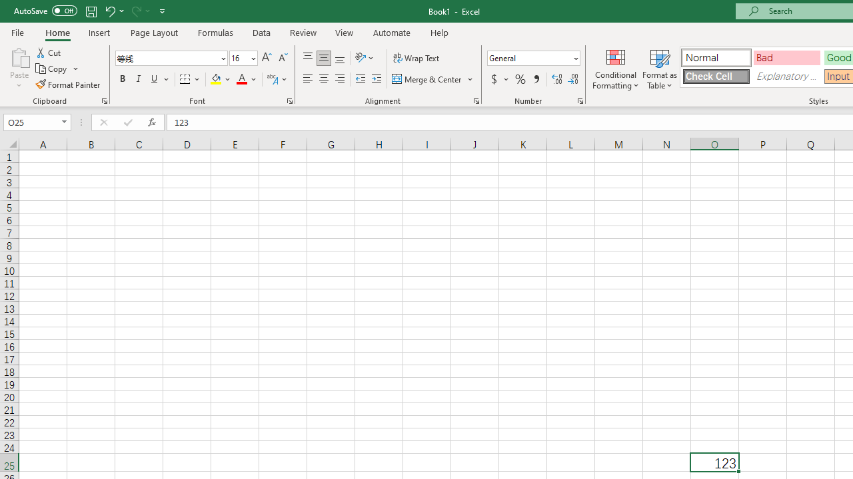  I want to click on 'Increase Font Size', so click(267, 57).